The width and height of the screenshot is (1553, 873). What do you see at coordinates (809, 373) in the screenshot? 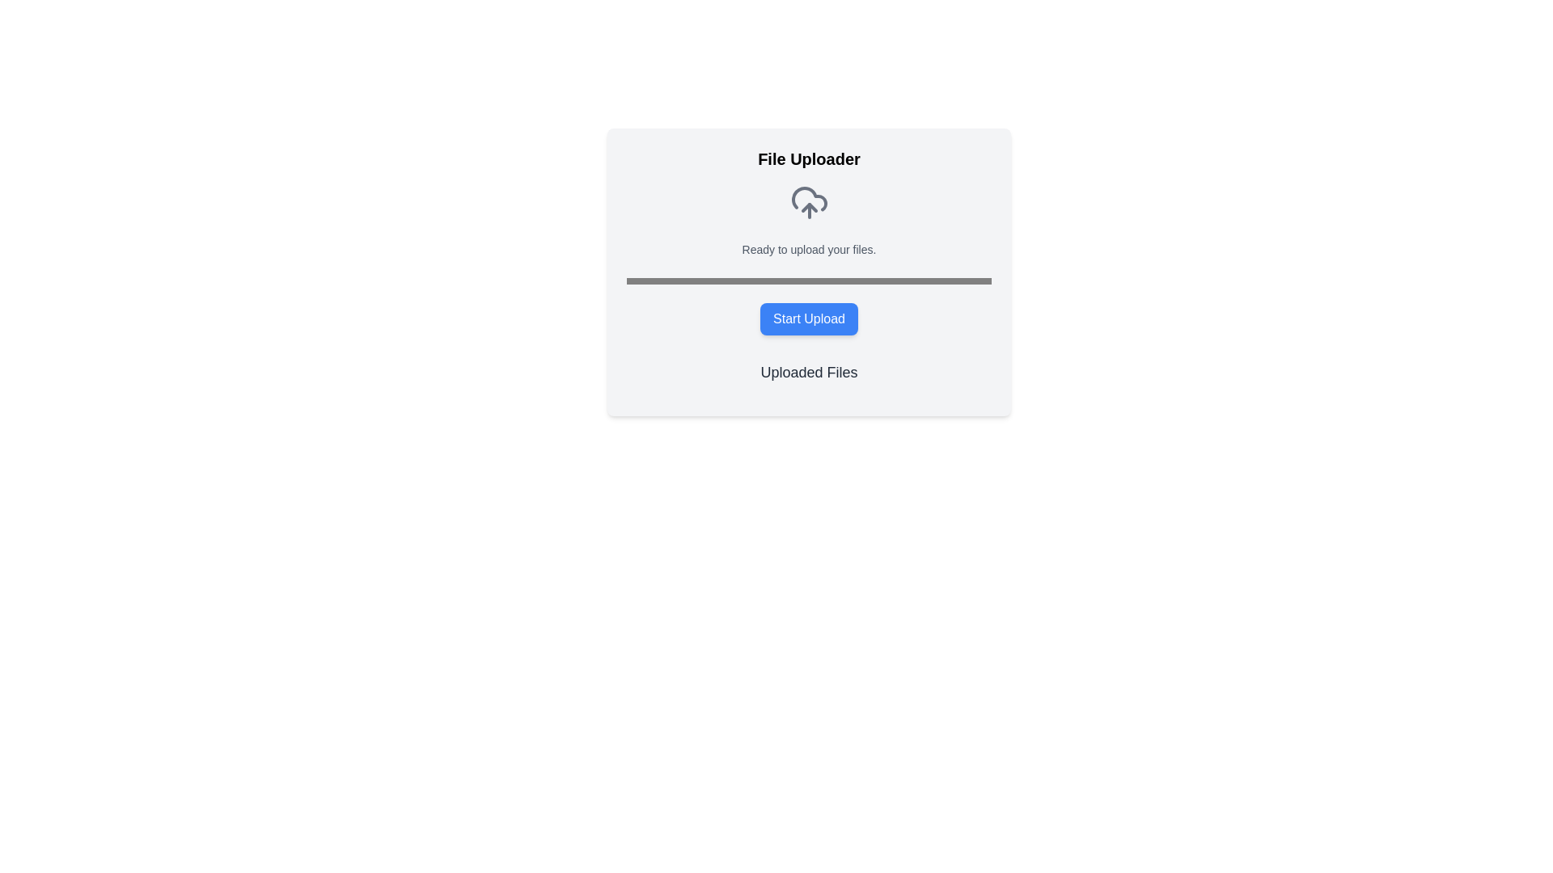
I see `the Text Label that serves as a section header for uploaded files, located below the 'Start Upload' button in the 'File Uploader' panel` at bounding box center [809, 373].